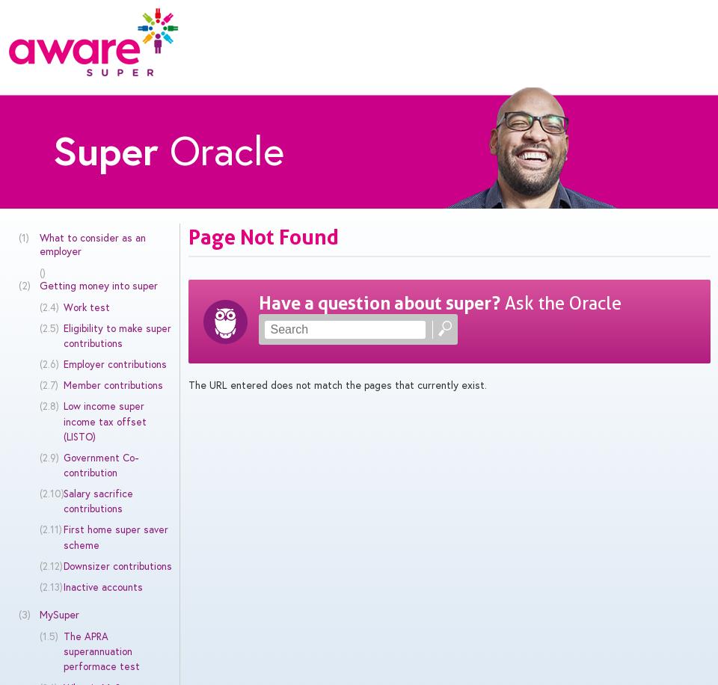 The image size is (718, 685). I want to click on '(3)', so click(22, 615).